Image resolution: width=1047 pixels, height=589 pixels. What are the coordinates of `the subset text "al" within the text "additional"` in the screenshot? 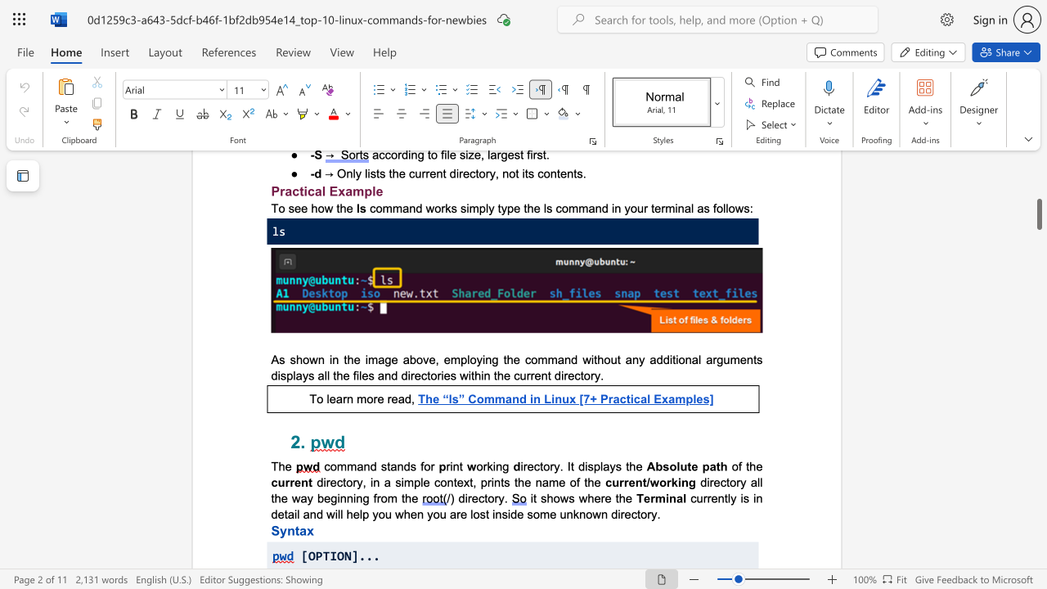 It's located at (691, 358).